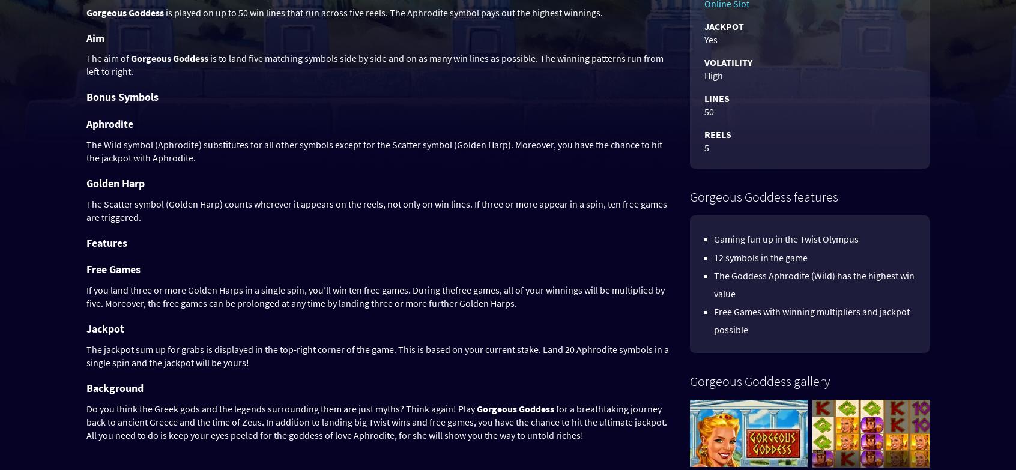  What do you see at coordinates (374, 64) in the screenshot?
I see `'is to land five matching symbols side by side and on as many win lines as possible. The winning patterns run from left to right.'` at bounding box center [374, 64].